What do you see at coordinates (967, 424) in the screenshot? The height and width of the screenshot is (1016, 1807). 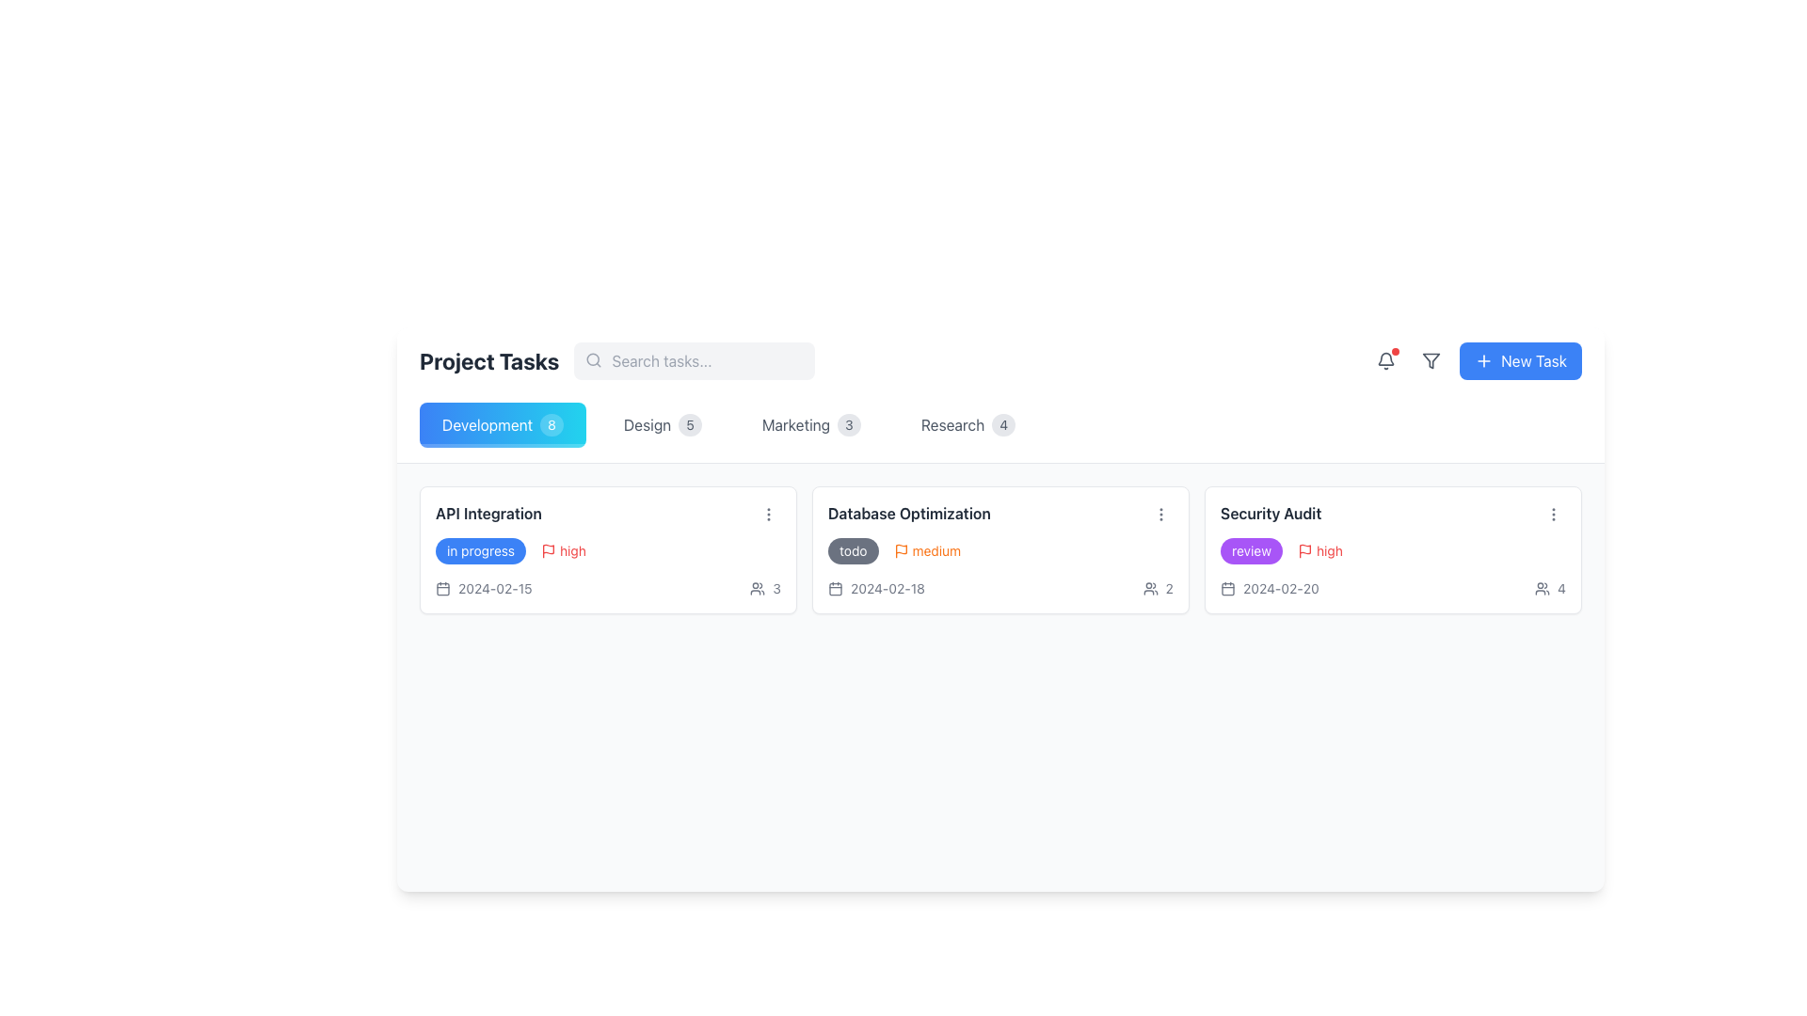 I see `the 'Research' category tab with a badge indicating the number of tasks to filter tasks associated with this category` at bounding box center [967, 424].